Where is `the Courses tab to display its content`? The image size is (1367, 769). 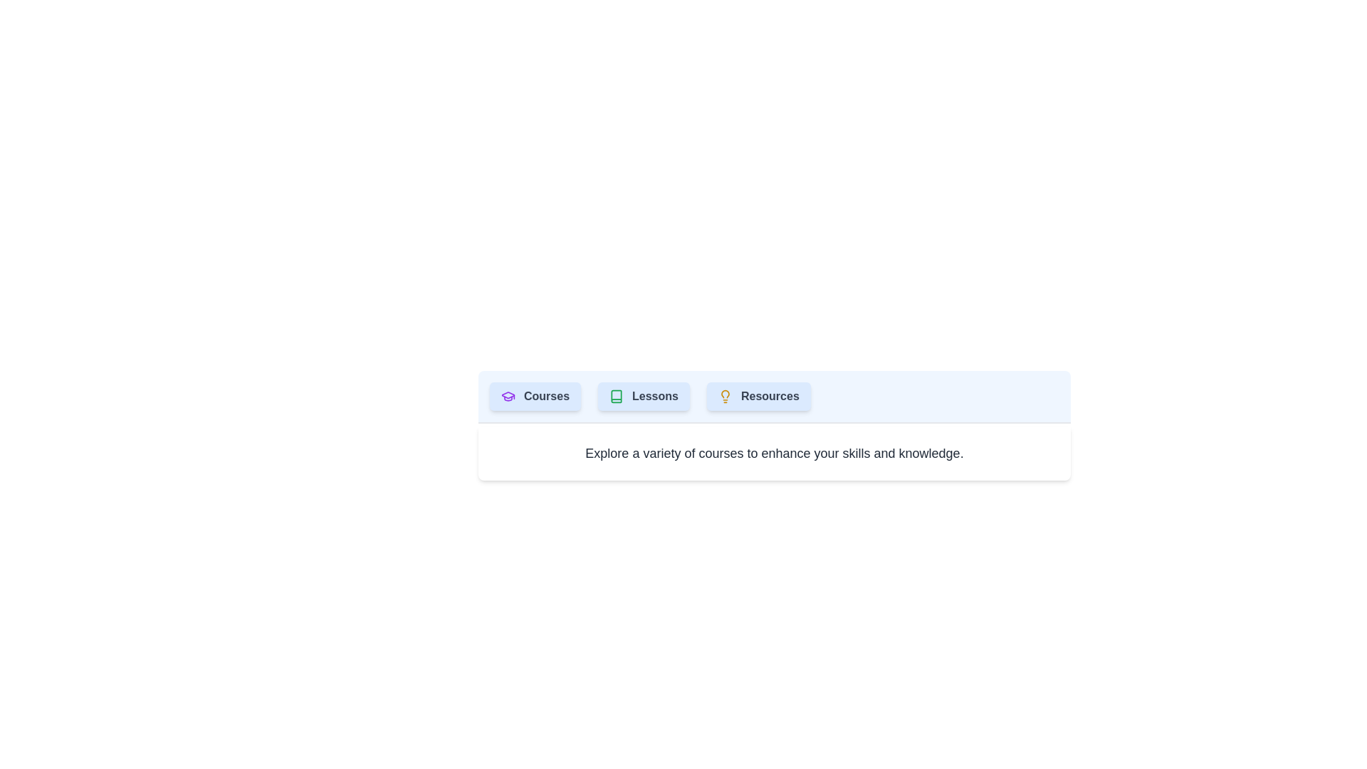
the Courses tab to display its content is located at coordinates (535, 396).